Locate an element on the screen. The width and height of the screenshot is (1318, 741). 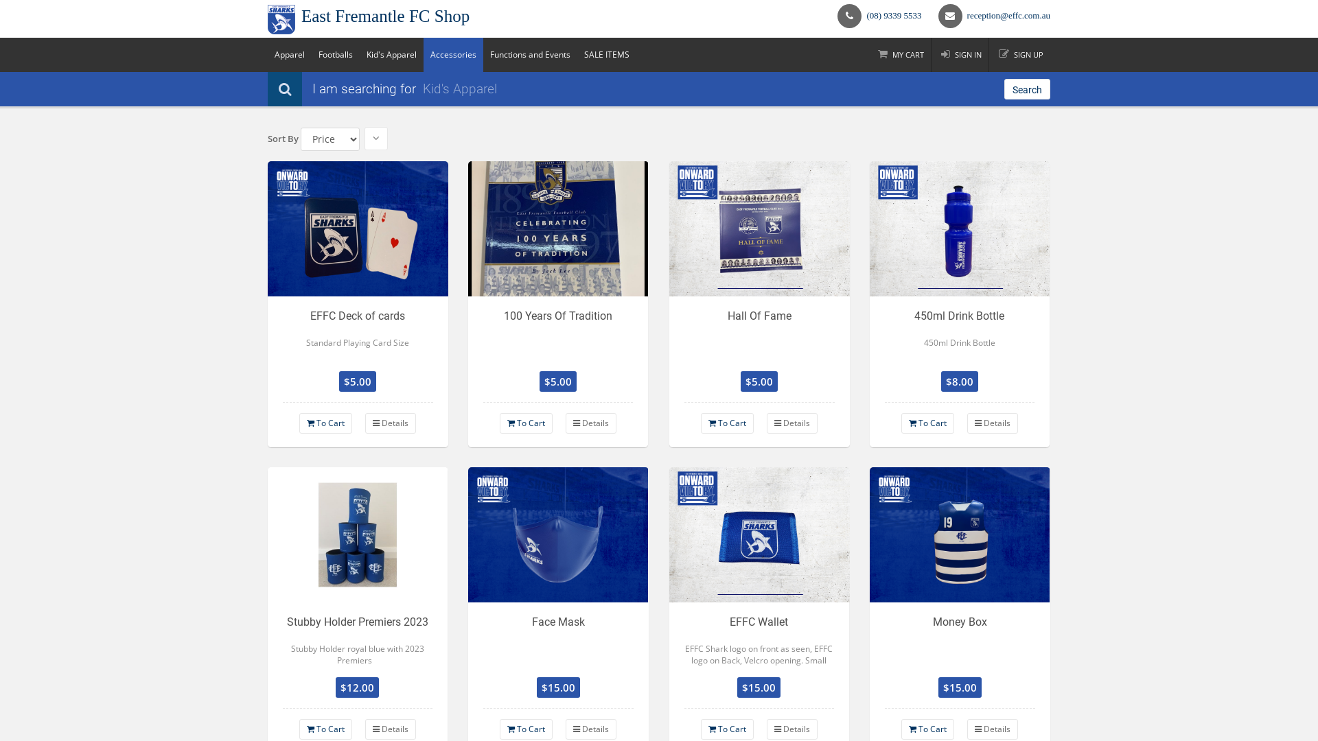
'Face Mask' is located at coordinates (558, 534).